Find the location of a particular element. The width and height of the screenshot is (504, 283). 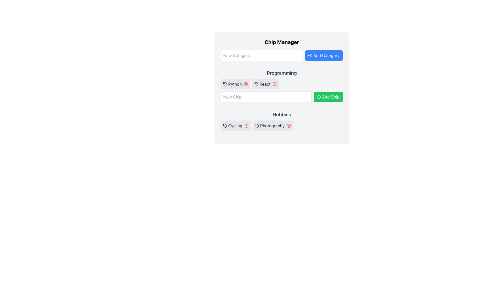

the left-most icon representing the category 'Photography' in the 'Hobbies' row of chips is located at coordinates (257, 126).